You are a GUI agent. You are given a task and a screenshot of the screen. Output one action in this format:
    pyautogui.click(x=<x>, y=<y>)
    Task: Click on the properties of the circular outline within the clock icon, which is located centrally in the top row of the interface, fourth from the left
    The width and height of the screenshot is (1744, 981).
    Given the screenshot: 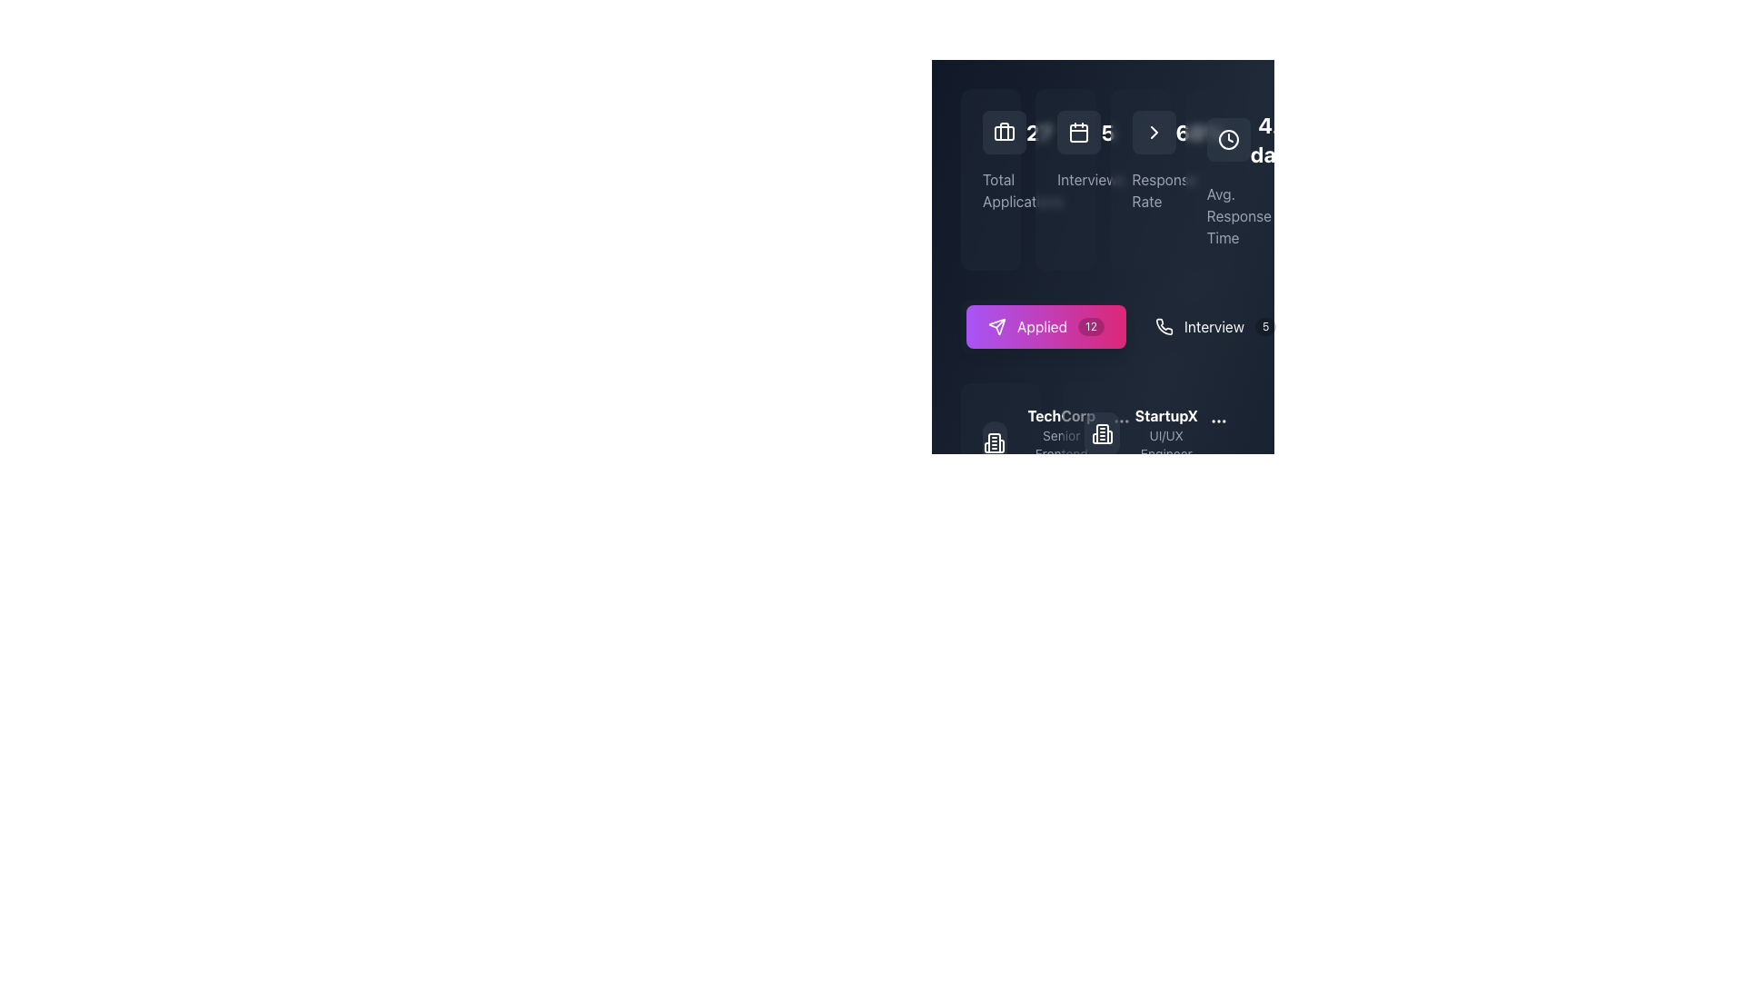 What is the action you would take?
    pyautogui.click(x=1228, y=139)
    